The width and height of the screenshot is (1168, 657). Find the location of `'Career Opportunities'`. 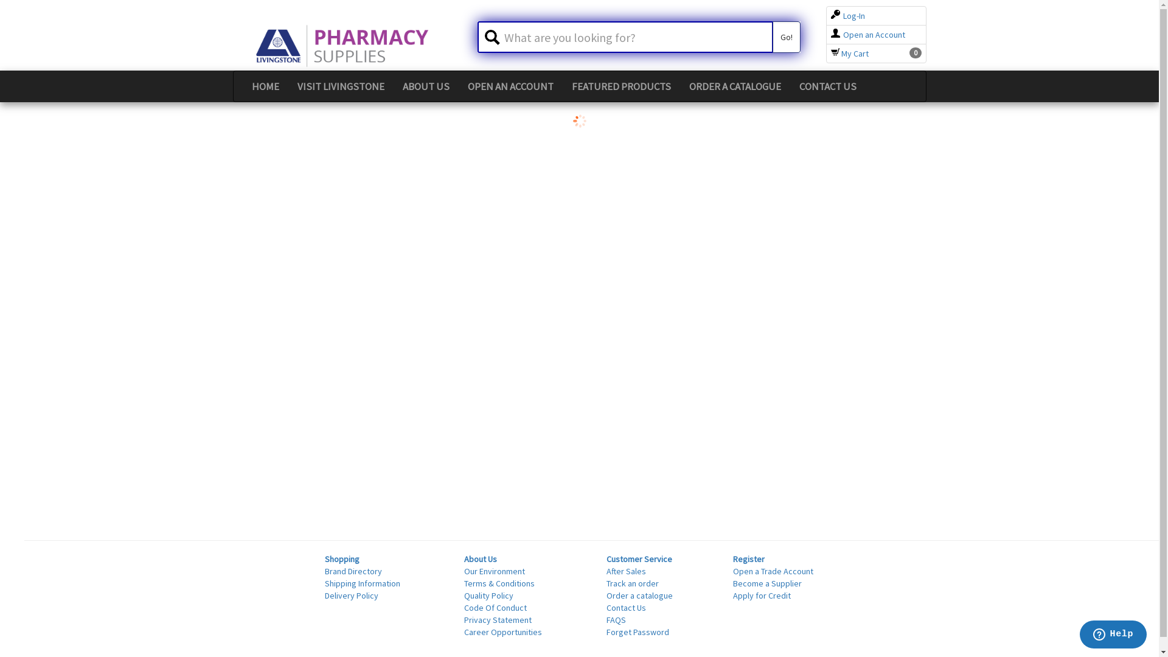

'Career Opportunities' is located at coordinates (464, 631).